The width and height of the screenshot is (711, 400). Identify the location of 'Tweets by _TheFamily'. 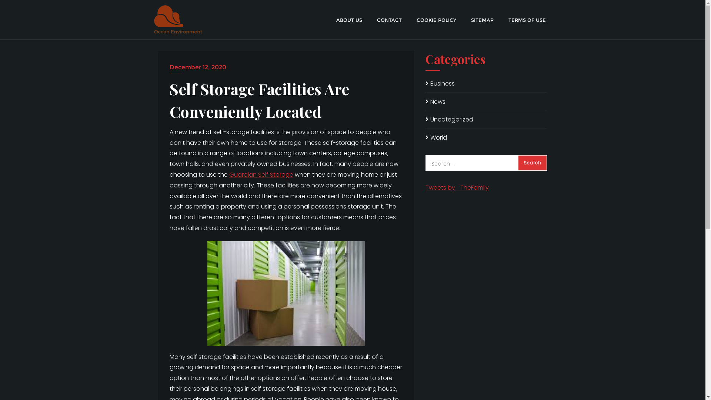
(457, 187).